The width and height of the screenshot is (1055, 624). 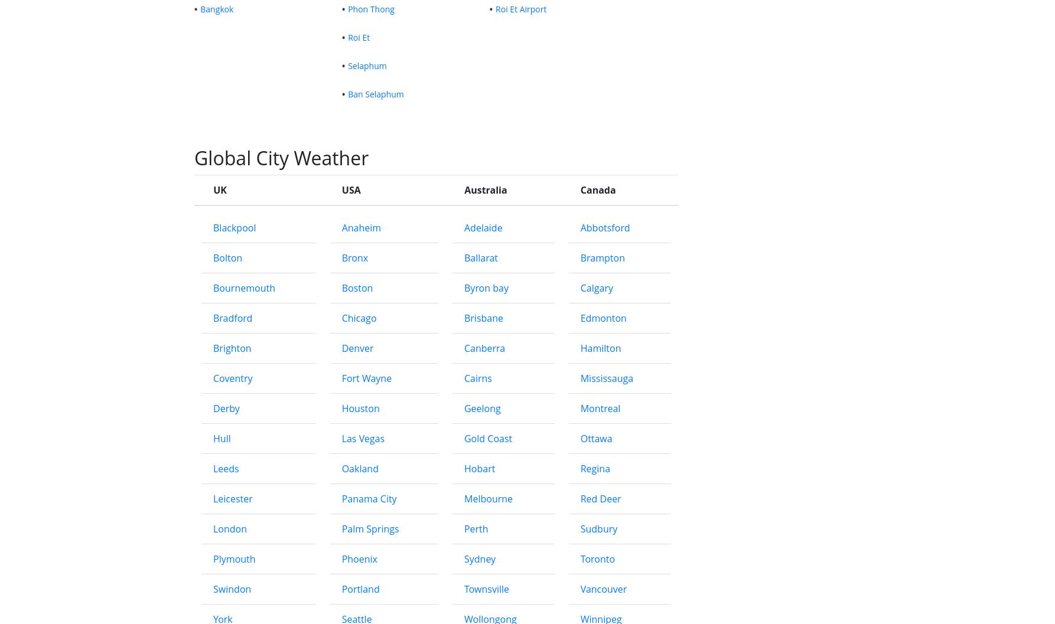 What do you see at coordinates (463, 432) in the screenshot?
I see `'Ballarat'` at bounding box center [463, 432].